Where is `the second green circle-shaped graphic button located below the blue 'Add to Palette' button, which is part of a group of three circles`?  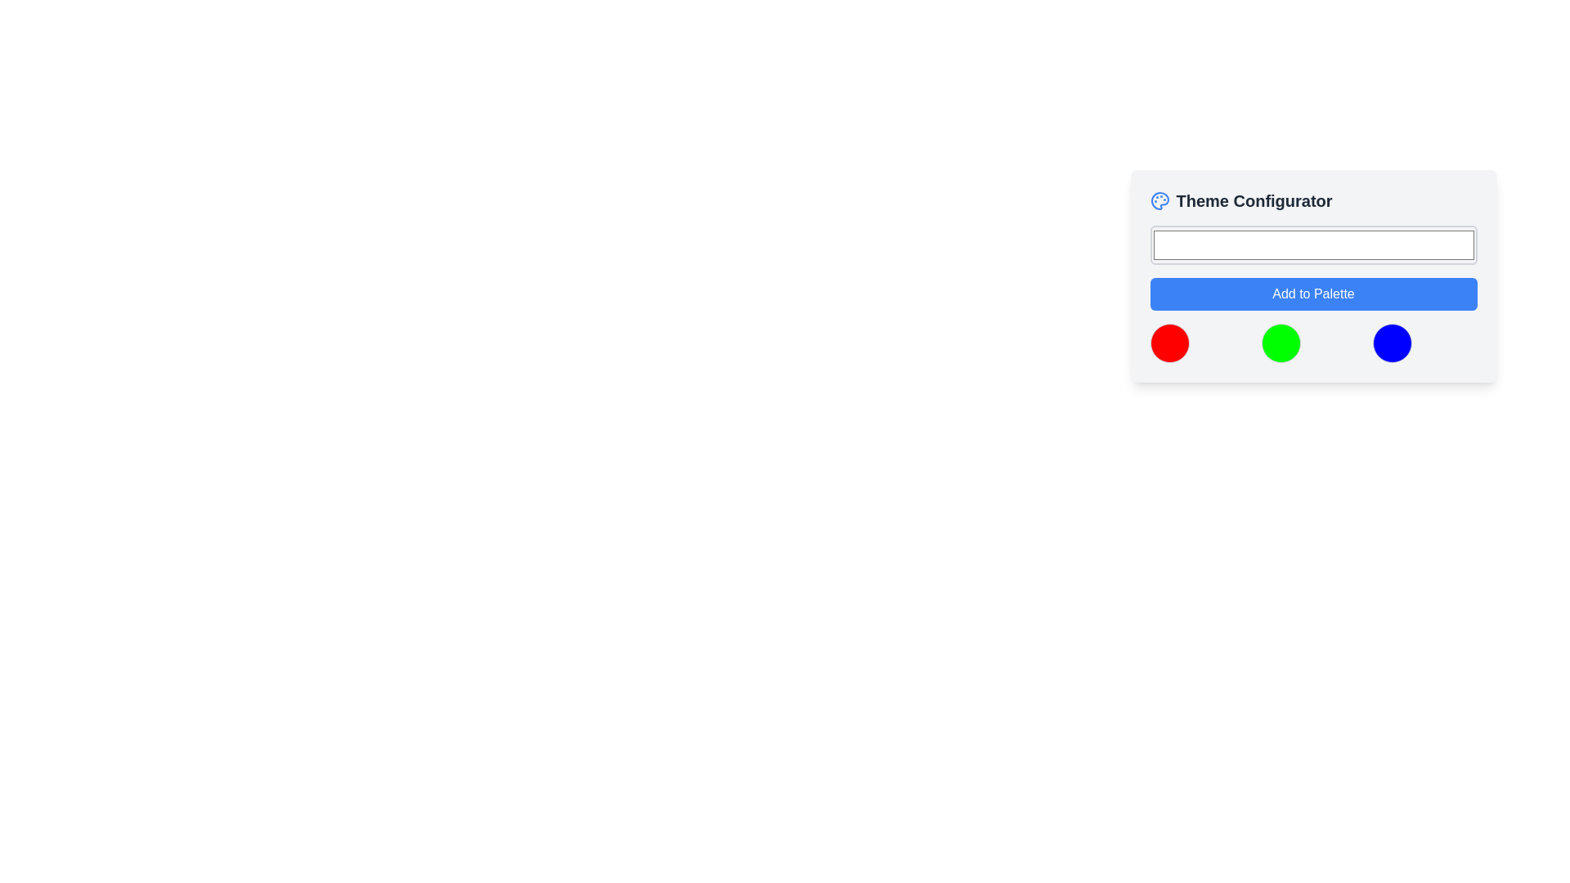 the second green circle-shaped graphic button located below the blue 'Add to Palette' button, which is part of a group of three circles is located at coordinates (1280, 343).